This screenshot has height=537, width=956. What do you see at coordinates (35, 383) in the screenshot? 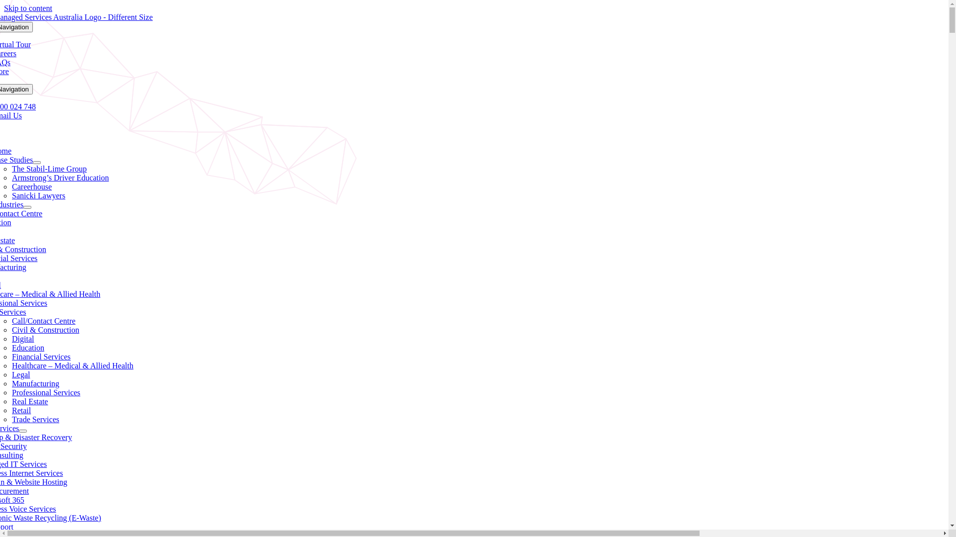
I see `'Manufacturing'` at bounding box center [35, 383].